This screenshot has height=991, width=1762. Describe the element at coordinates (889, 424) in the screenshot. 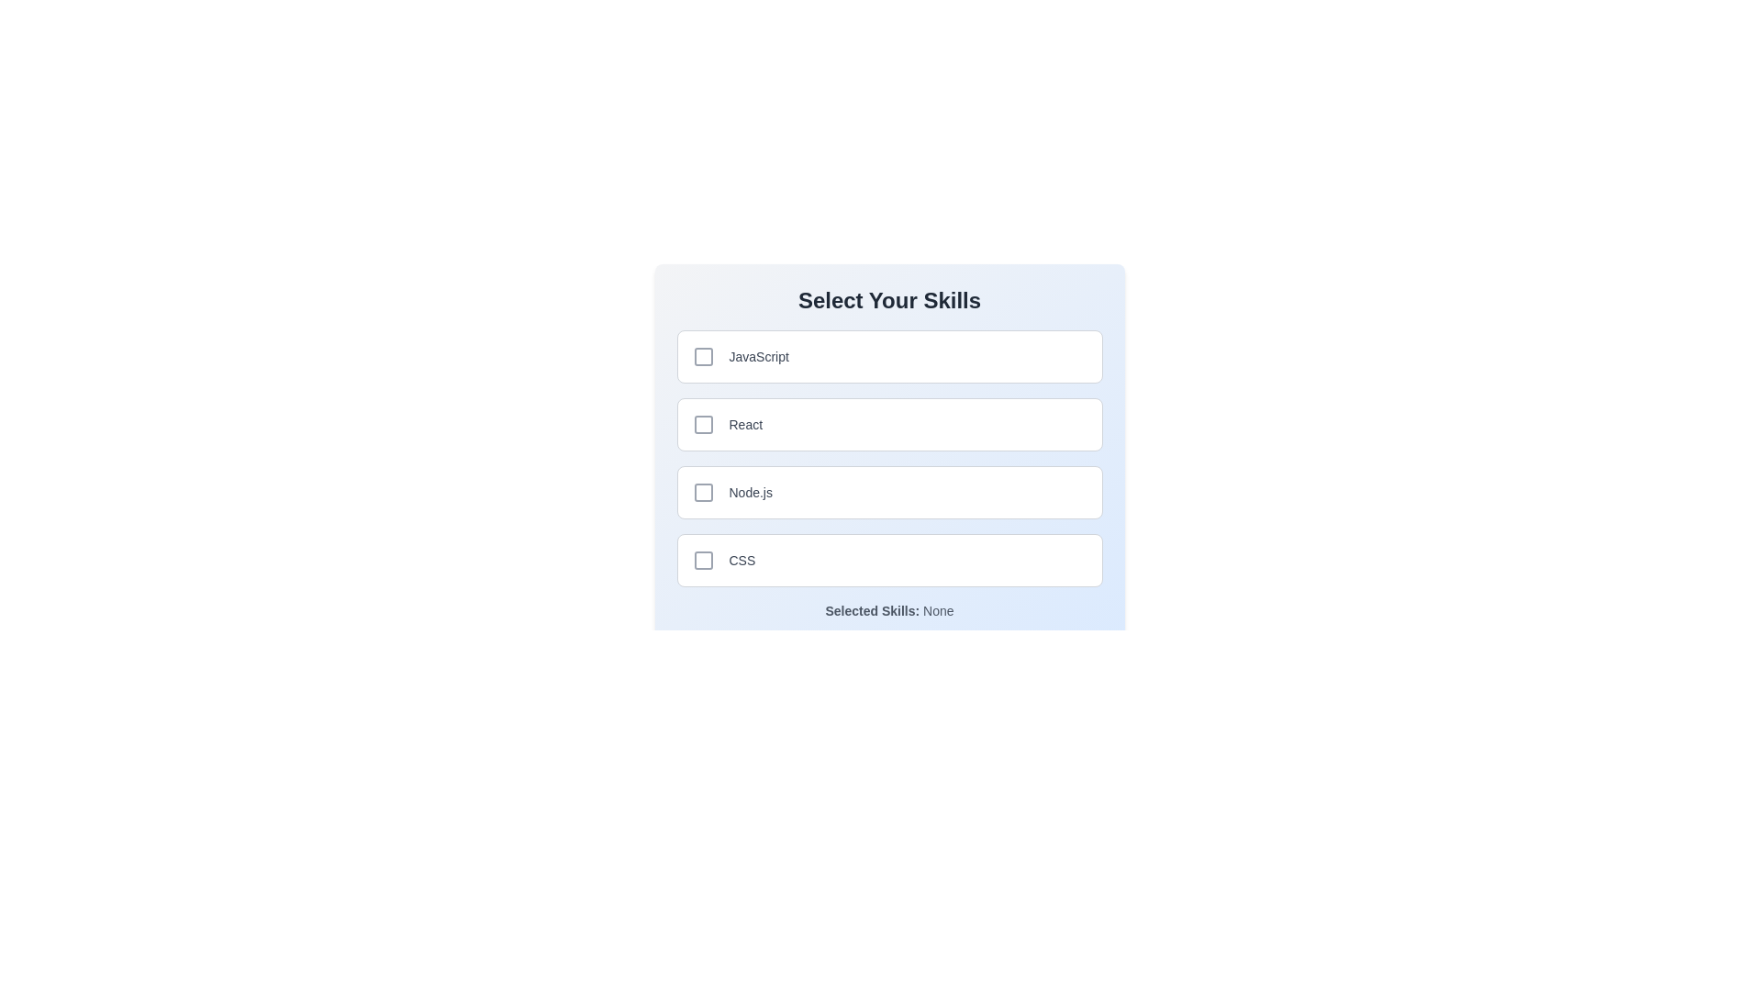

I see `the 'React' skill checkbox, the second selectable item in the vertical list of skills, to trigger visual feedback` at that location.